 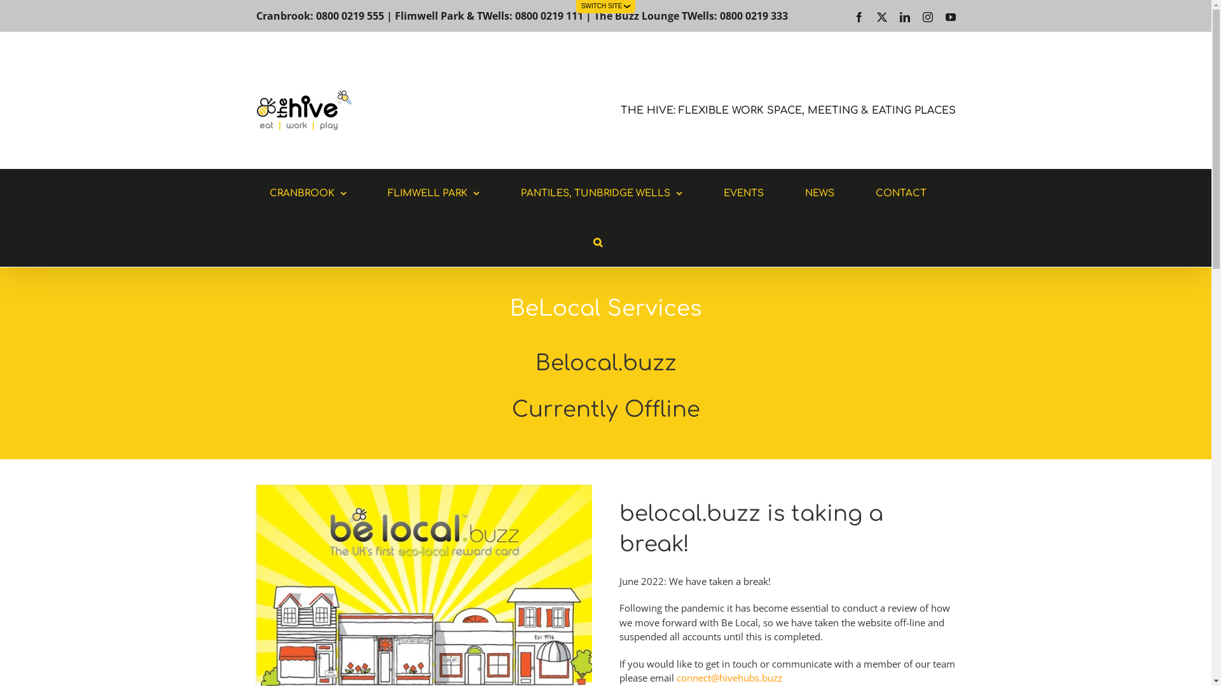 I want to click on 'CRANBROOK', so click(x=308, y=193).